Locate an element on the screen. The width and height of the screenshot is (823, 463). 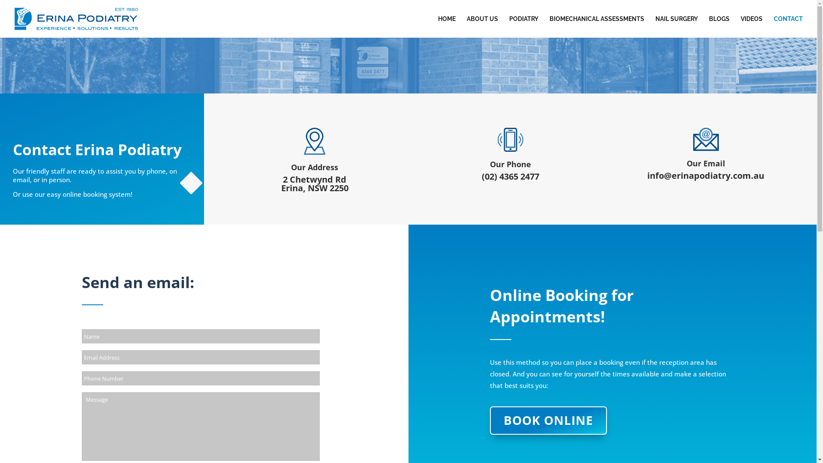
'CONTACT' is located at coordinates (773, 26).